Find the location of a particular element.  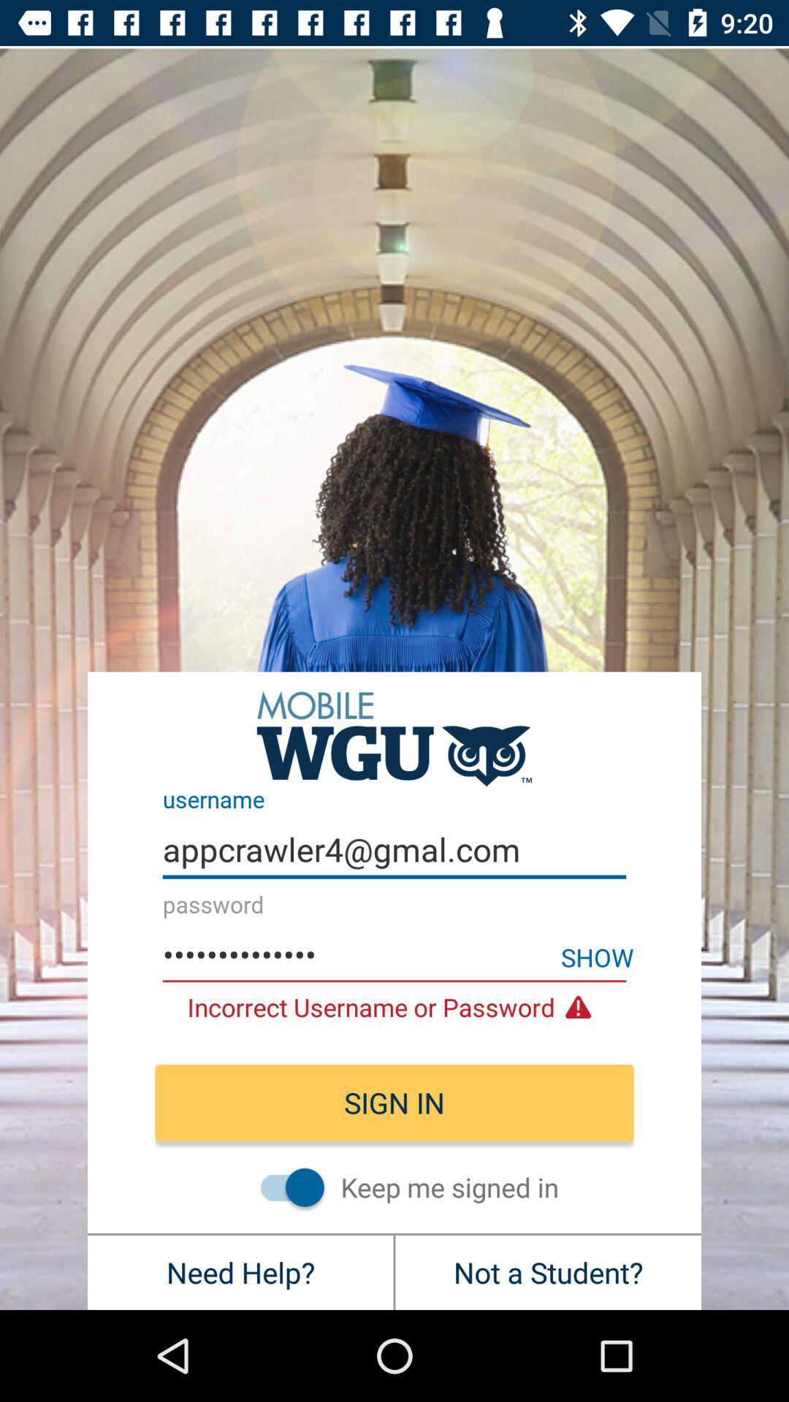

the show item is located at coordinates (597, 957).